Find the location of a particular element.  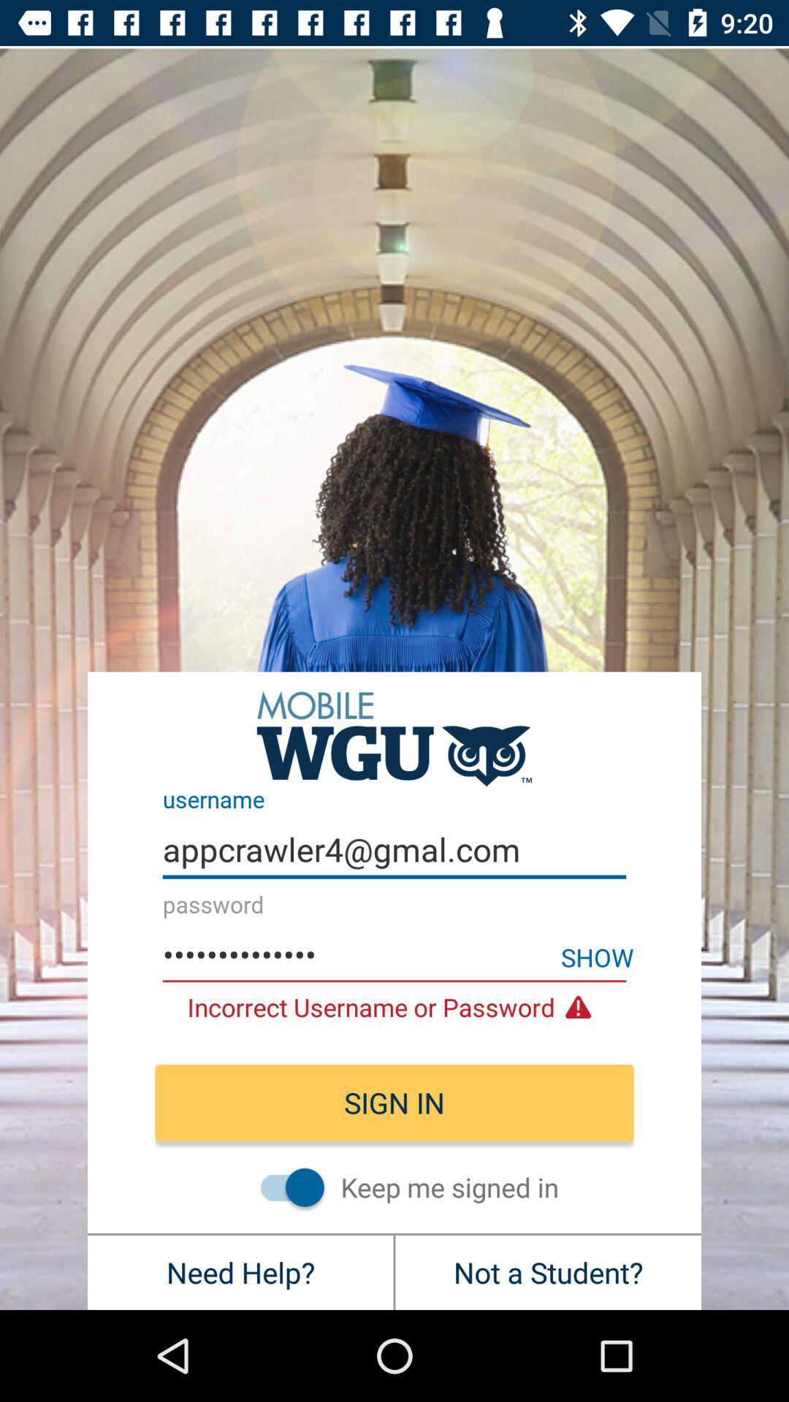

the show item is located at coordinates (597, 957).